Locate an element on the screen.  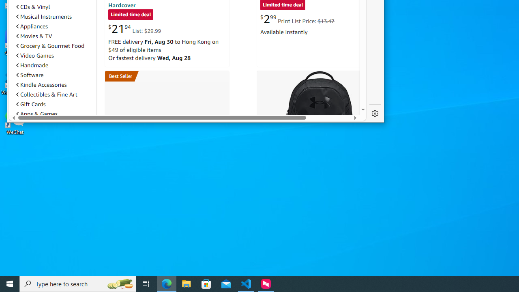
'Handmade' is located at coordinates (54, 65).